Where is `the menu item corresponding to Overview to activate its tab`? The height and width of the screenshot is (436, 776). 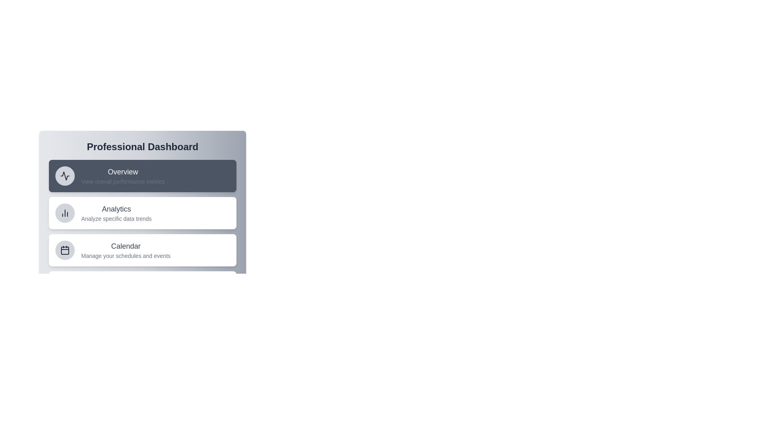
the menu item corresponding to Overview to activate its tab is located at coordinates (143, 175).